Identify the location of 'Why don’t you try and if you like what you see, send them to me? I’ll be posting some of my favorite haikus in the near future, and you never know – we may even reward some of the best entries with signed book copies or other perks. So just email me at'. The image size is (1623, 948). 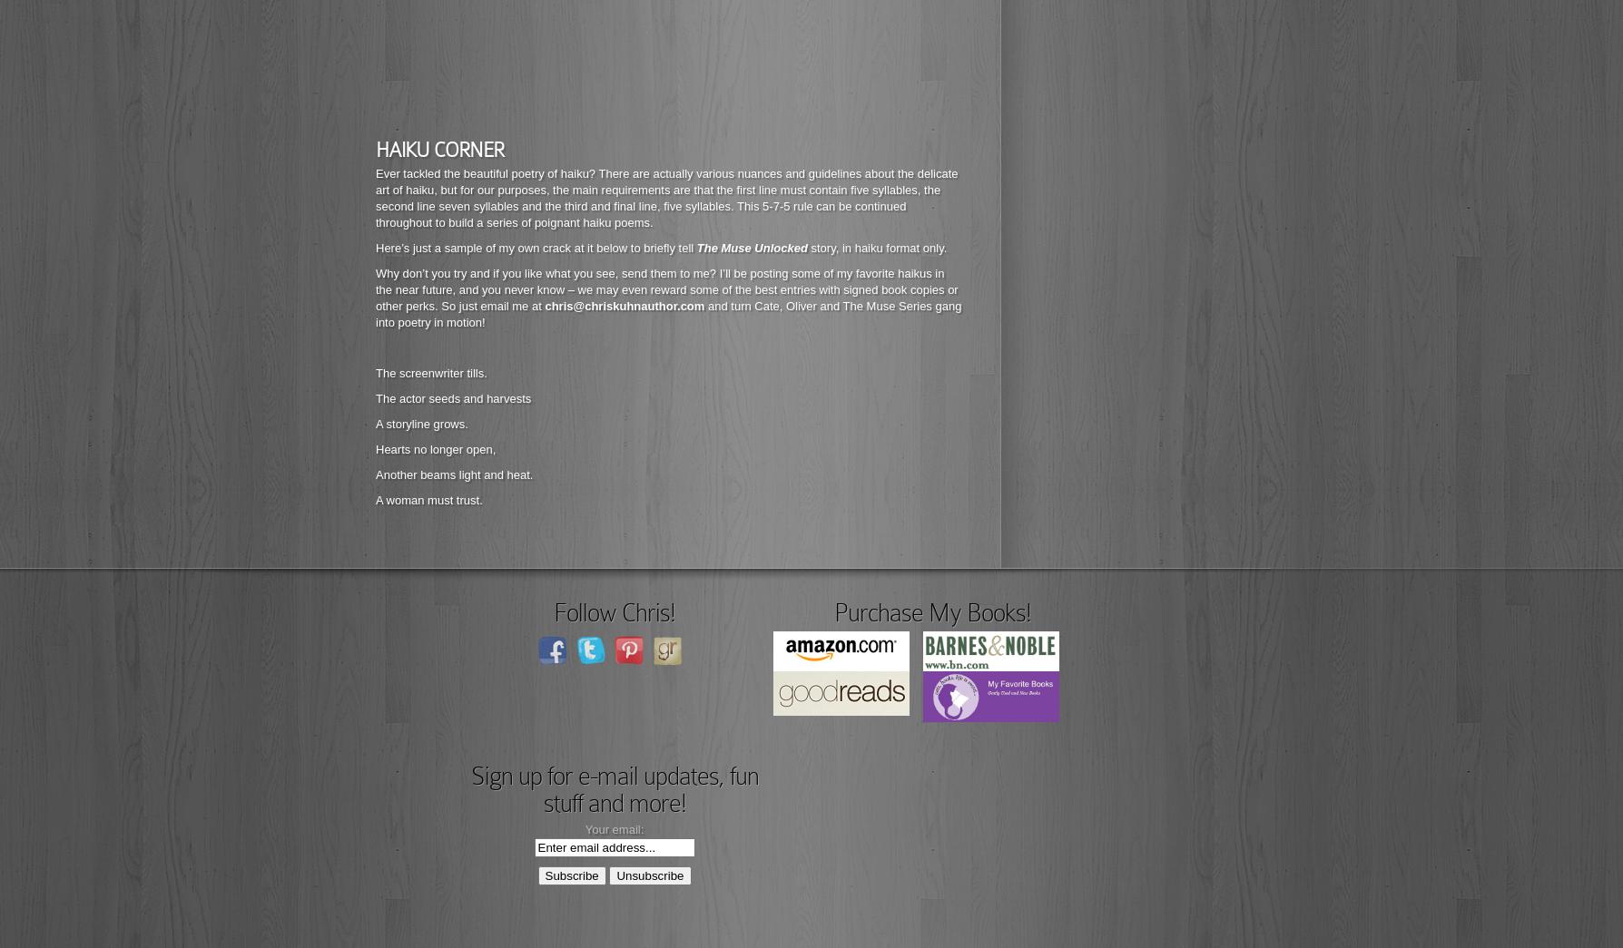
(374, 289).